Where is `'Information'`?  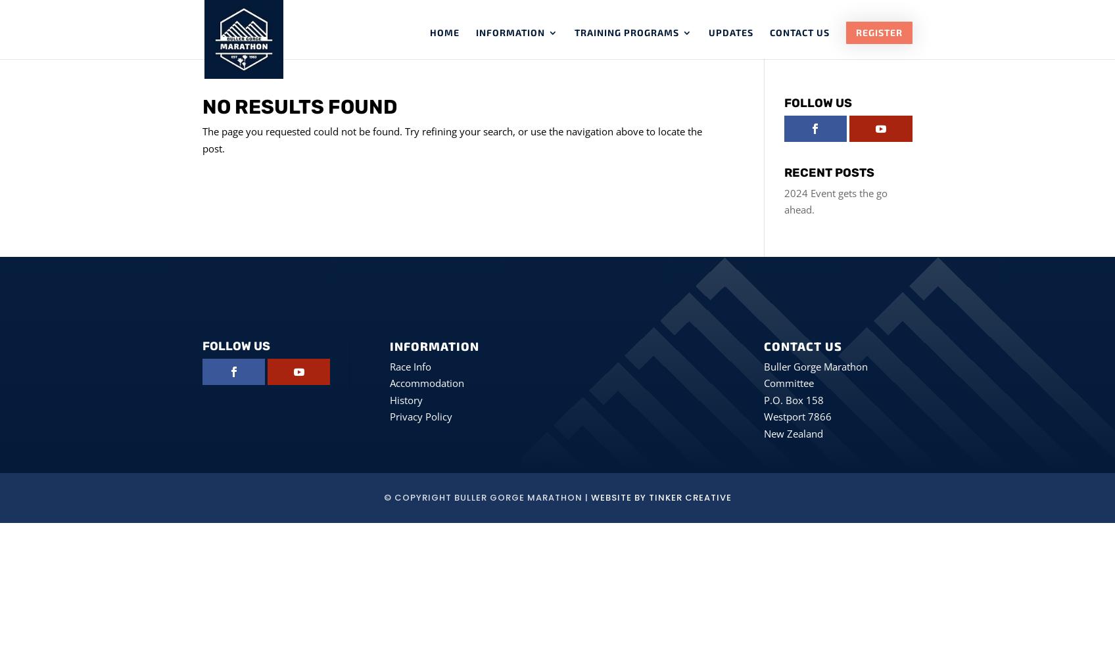 'Information' is located at coordinates (476, 32).